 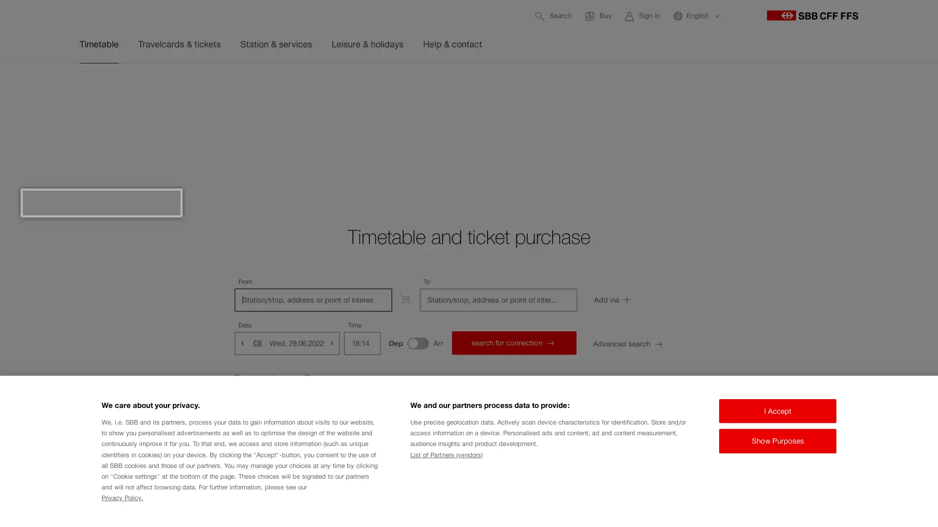 I want to click on Show Purposes, so click(x=777, y=441).